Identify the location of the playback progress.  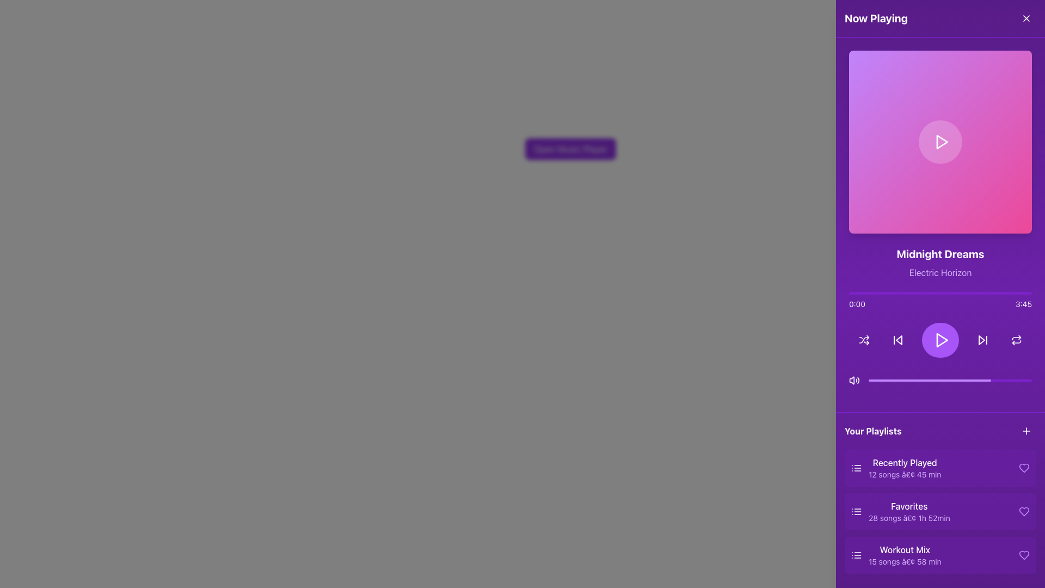
(1001, 379).